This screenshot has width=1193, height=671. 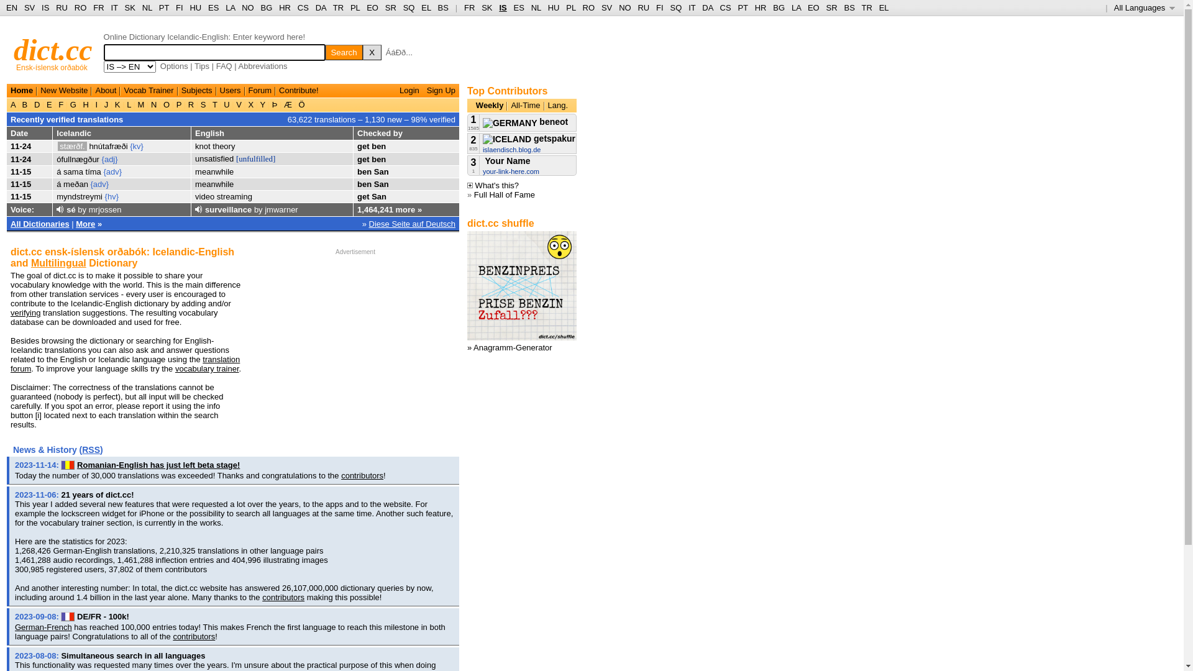 What do you see at coordinates (194, 158) in the screenshot?
I see `'unsatisfied [unfulfilled]'` at bounding box center [194, 158].